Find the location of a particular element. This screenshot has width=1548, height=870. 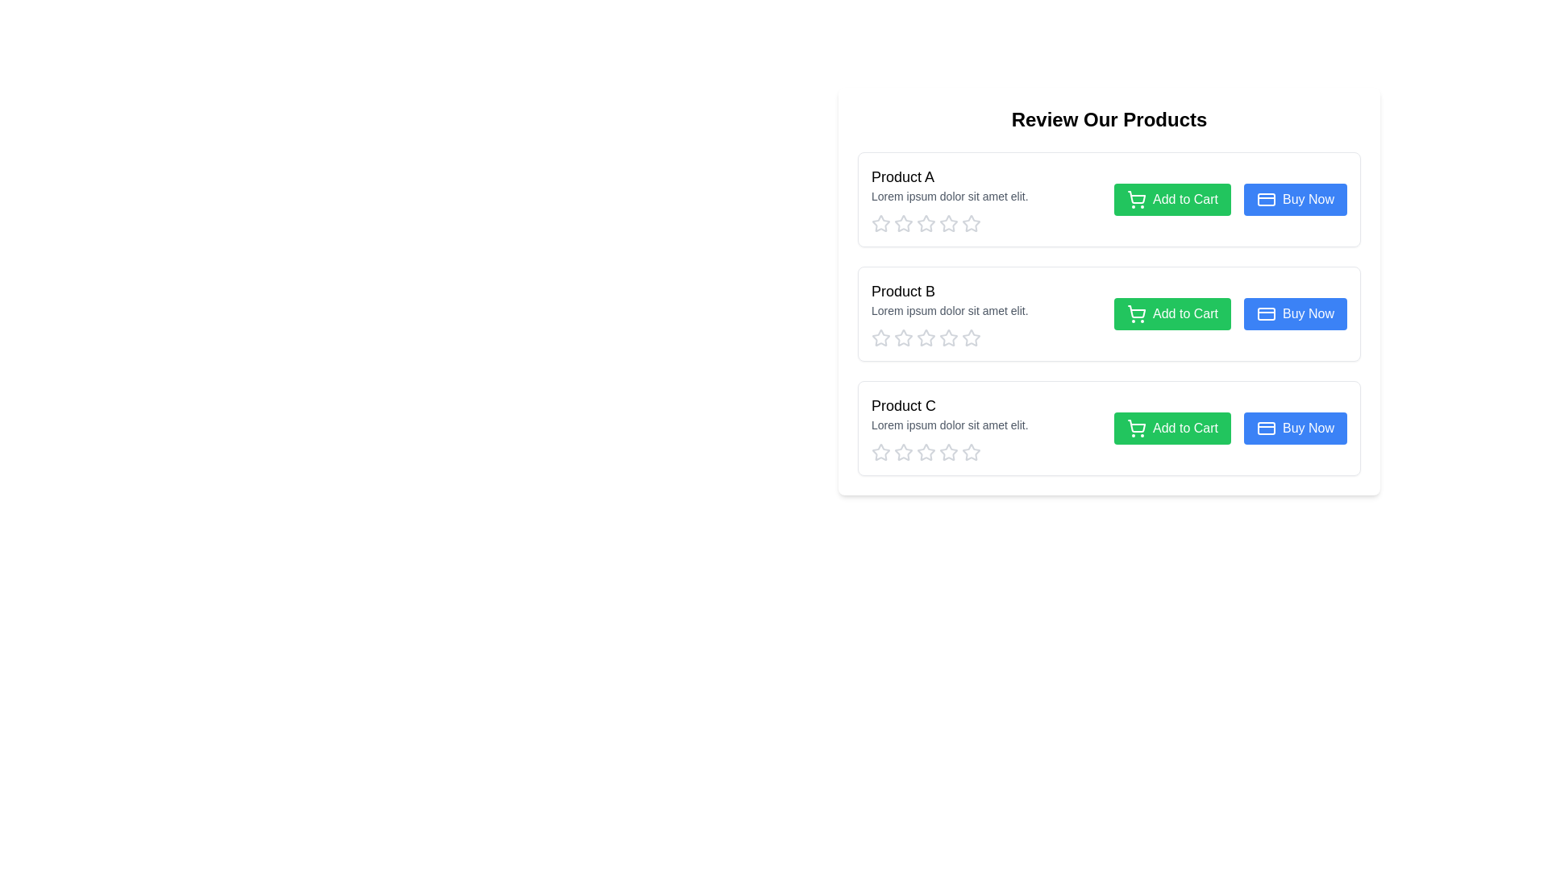

the star rating bar in the second product card, which is part of a styled information block displaying the product's title and description, to scale the stars for user interaction is located at coordinates (985, 313).